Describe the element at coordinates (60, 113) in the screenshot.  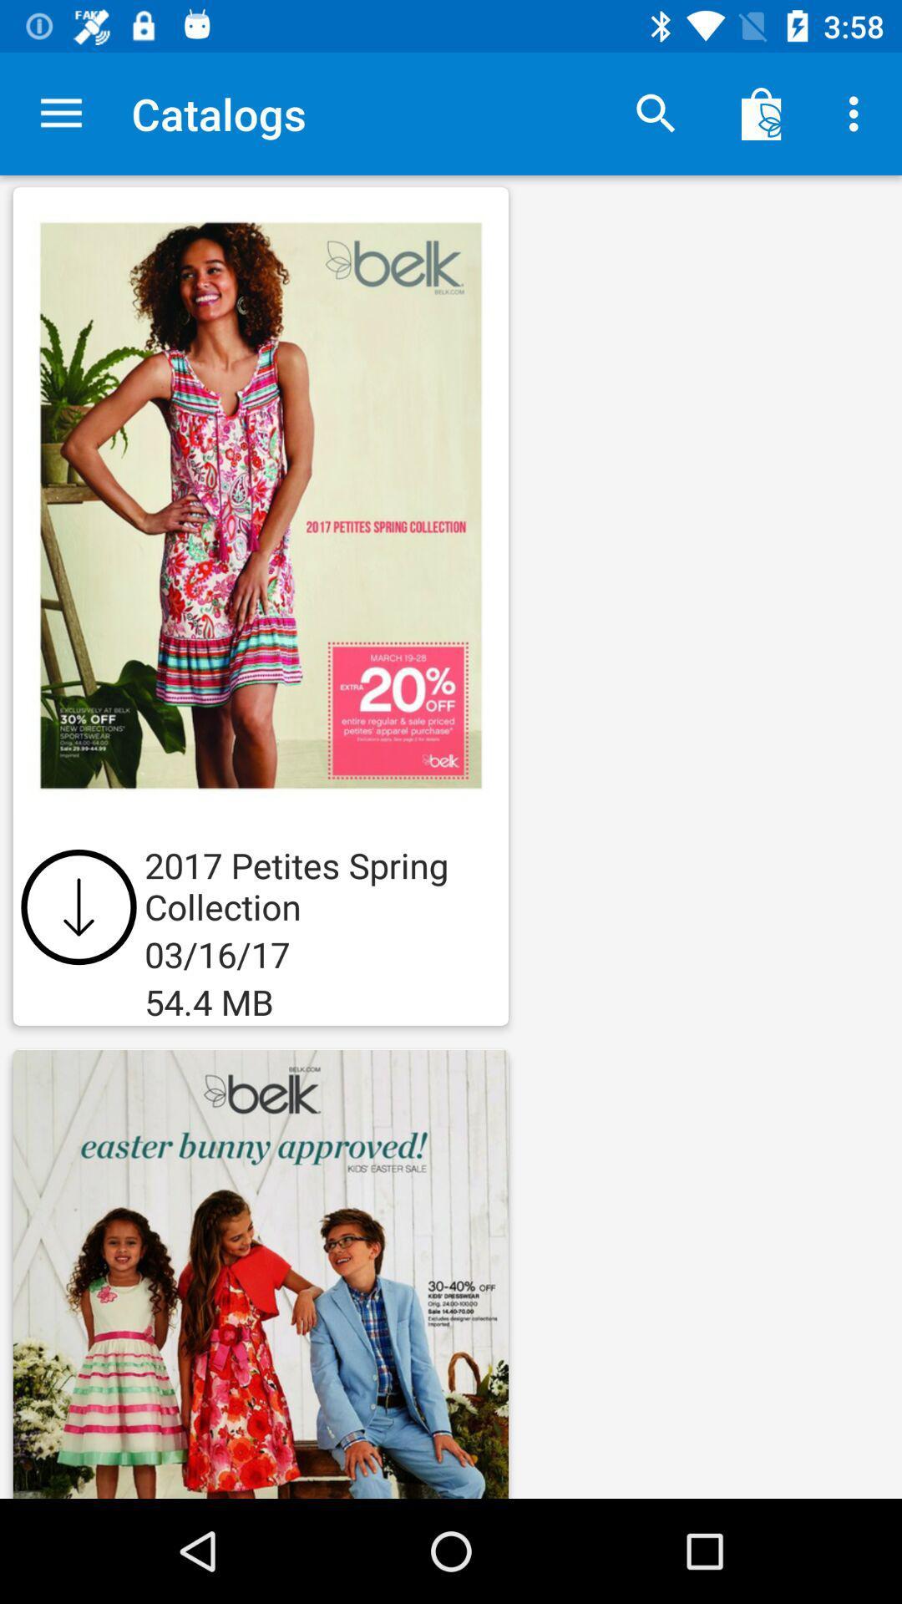
I see `icon next to the catalogs` at that location.